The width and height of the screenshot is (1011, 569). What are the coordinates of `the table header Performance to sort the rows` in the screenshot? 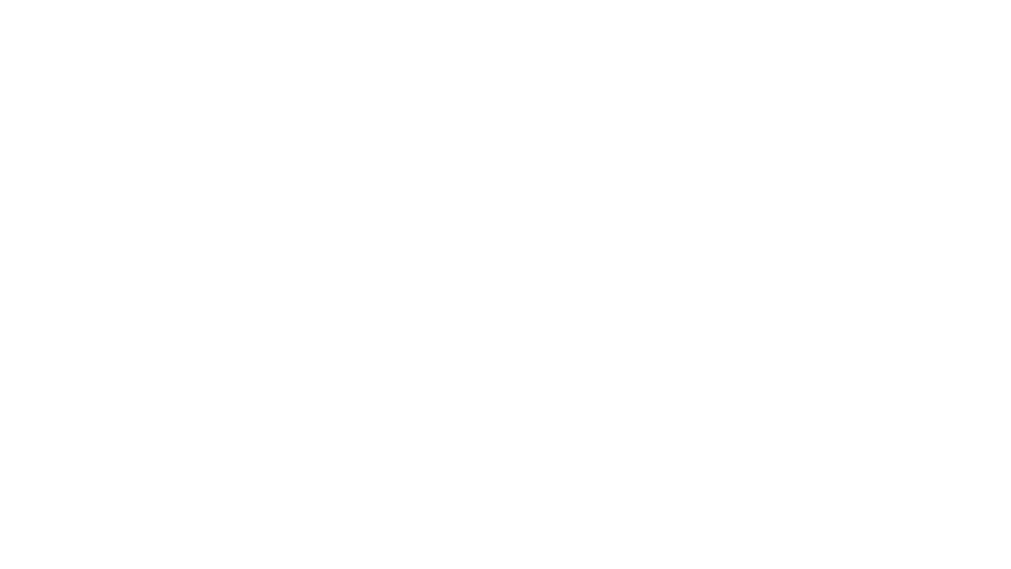 It's located at (210, 26).